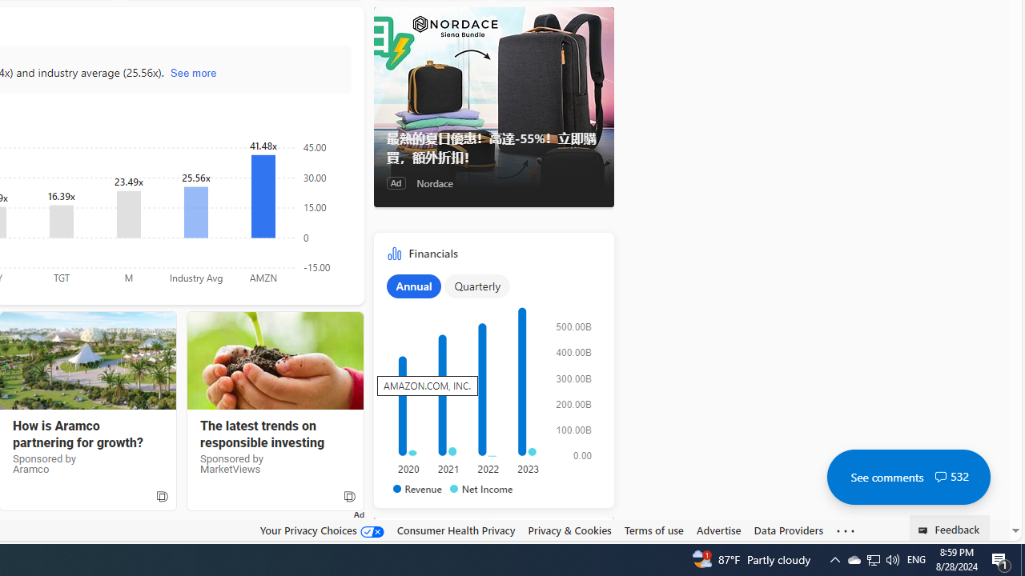  I want to click on 'Quarterly', so click(476, 285).